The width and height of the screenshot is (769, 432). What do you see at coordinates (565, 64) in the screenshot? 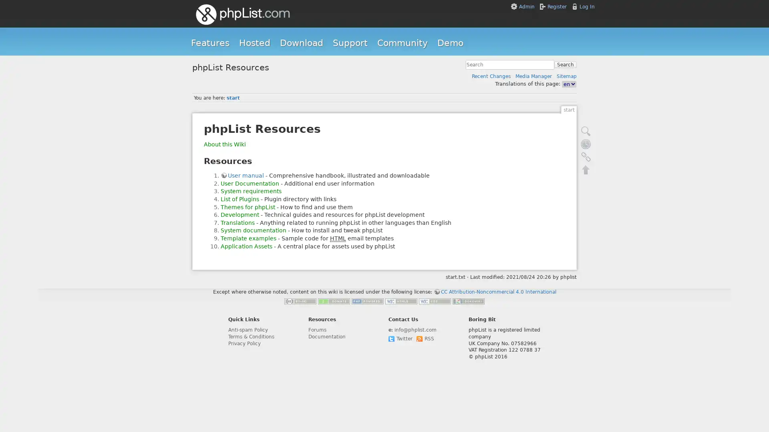
I see `Search` at bounding box center [565, 64].